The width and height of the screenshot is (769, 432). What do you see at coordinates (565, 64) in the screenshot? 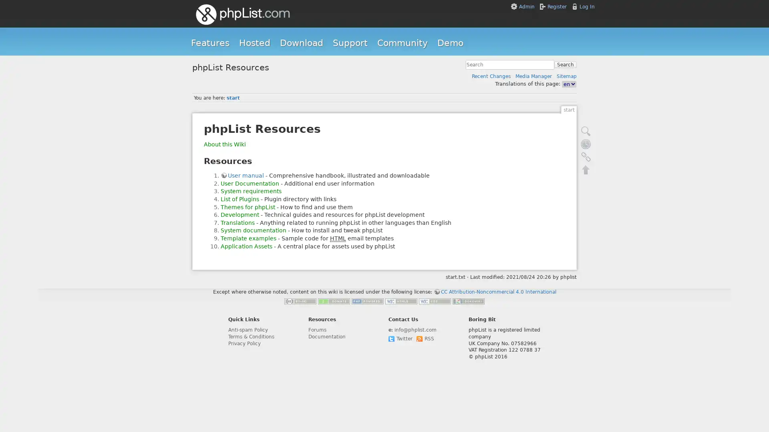
I see `Search` at bounding box center [565, 64].